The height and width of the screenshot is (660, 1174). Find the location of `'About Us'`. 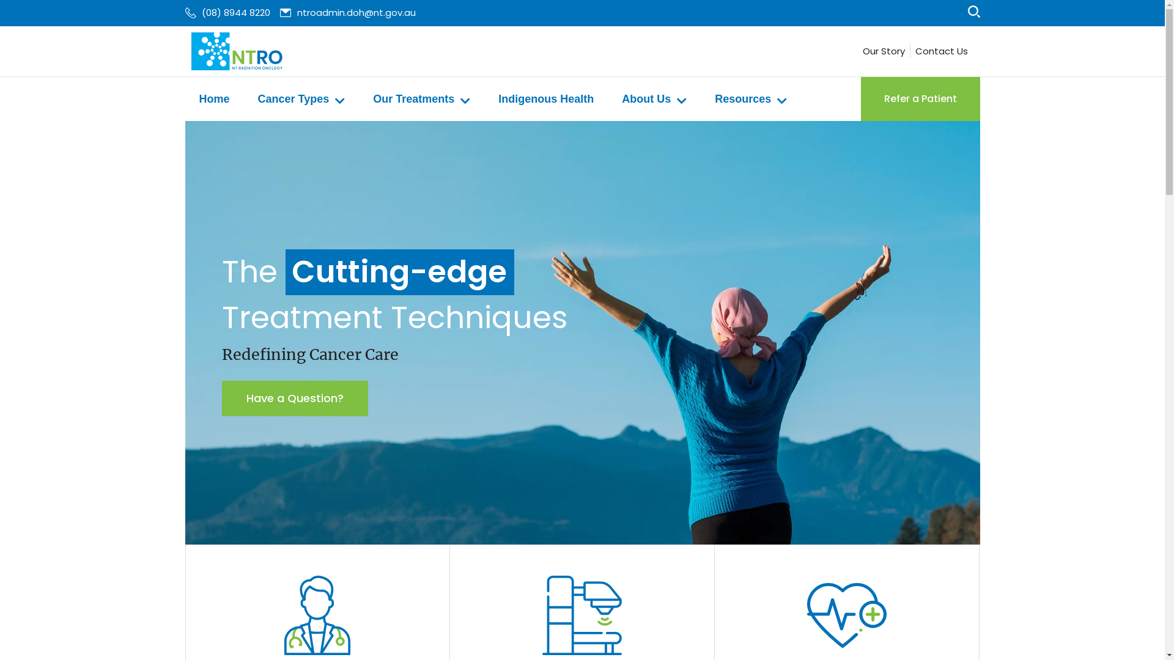

'About Us' is located at coordinates (654, 98).